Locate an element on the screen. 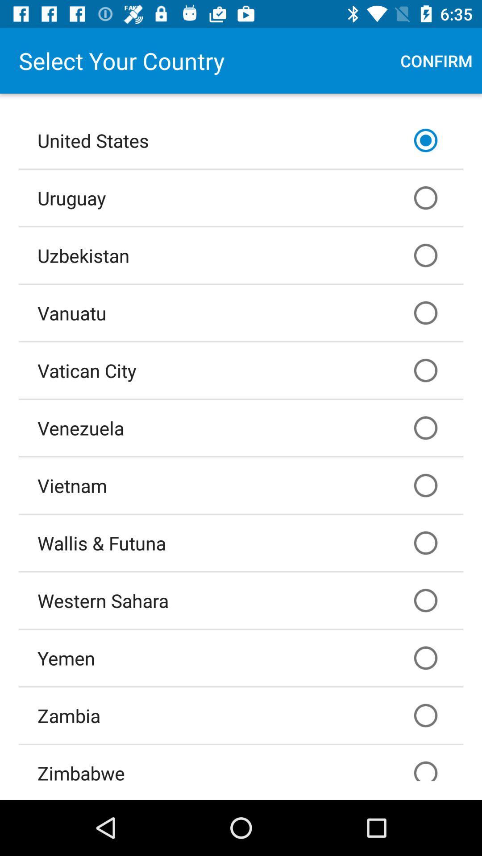  the zimbabwe is located at coordinates (241, 762).